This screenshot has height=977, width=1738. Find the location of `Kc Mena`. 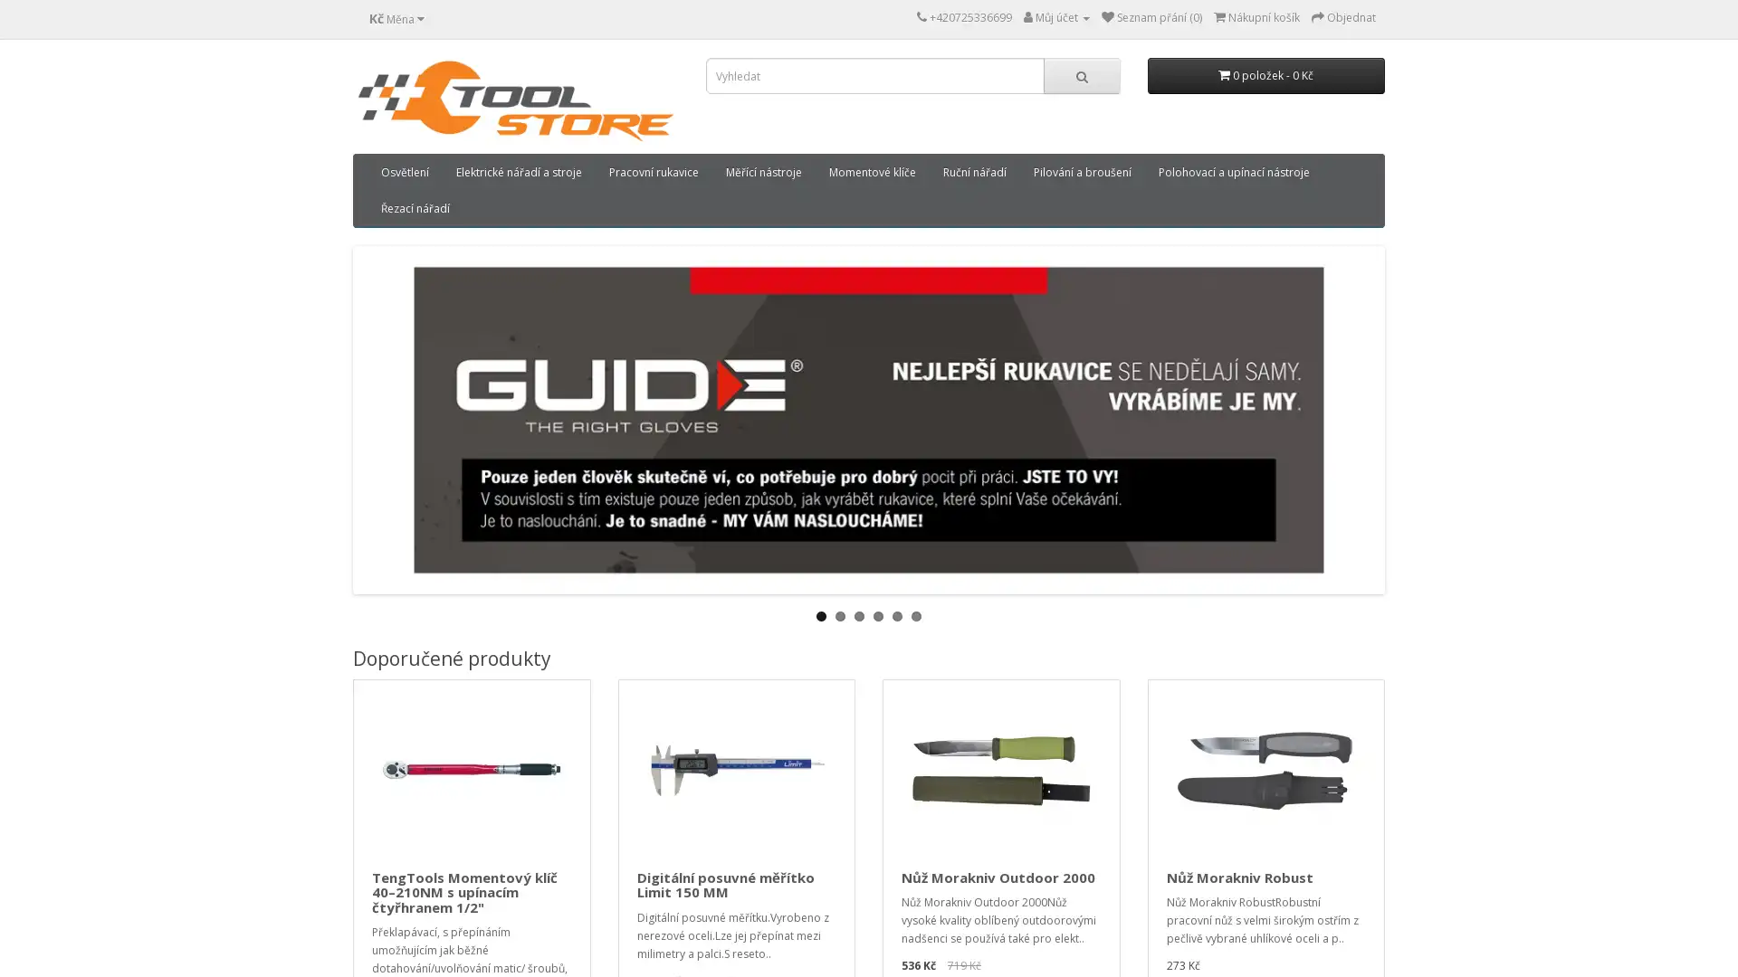

Kc Mena is located at coordinates (396, 18).